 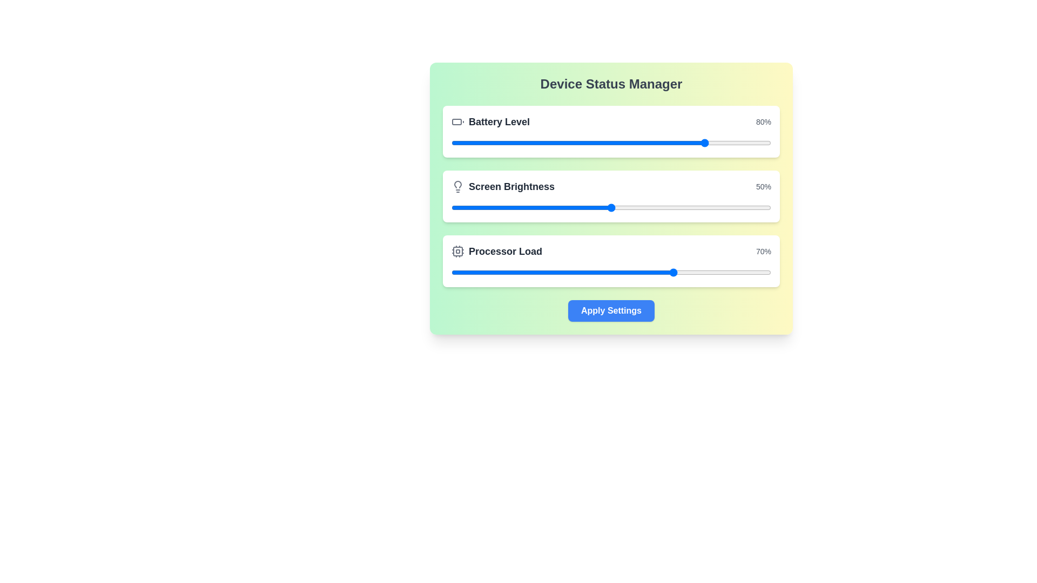 I want to click on the SVG rectangle representing the 'Processor Load' graphical decoration, which is positioned next to the 'Processor Load' label and progress bar, so click(x=458, y=252).